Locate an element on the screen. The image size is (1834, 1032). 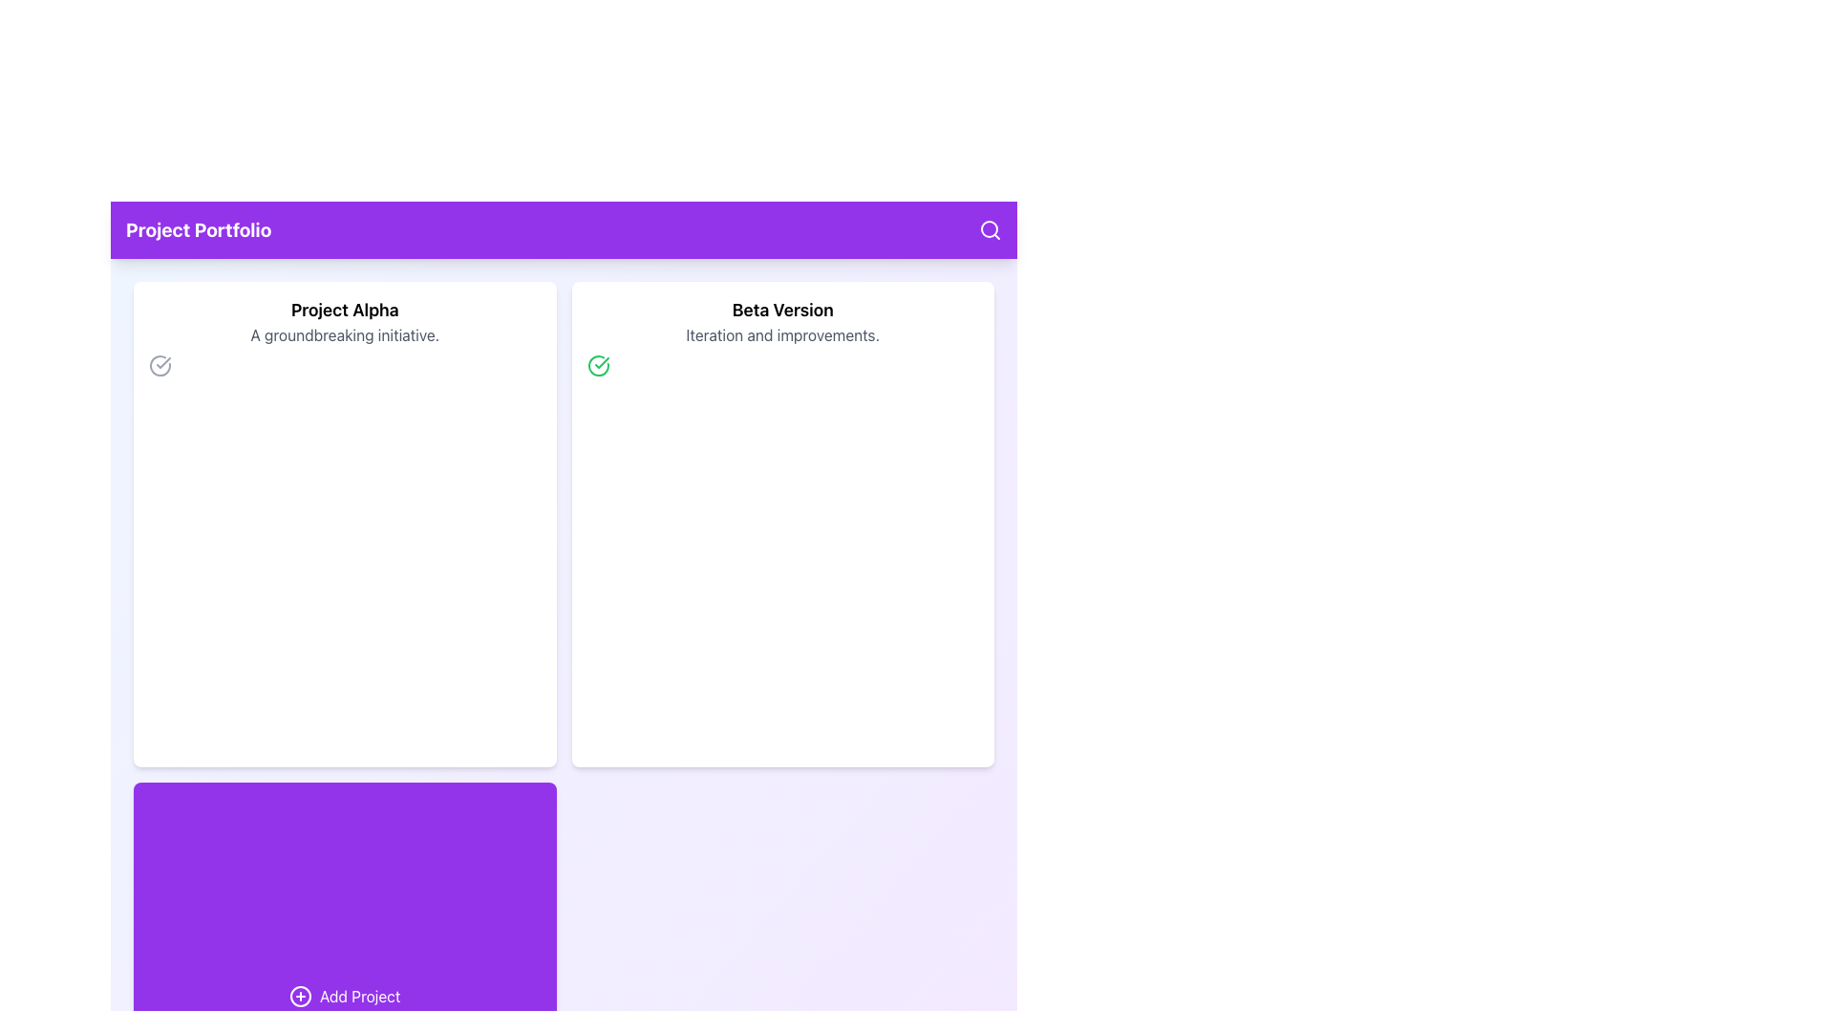
on the 'Add Project' label, which is part of a purple button located at the bottom center of the interface is located at coordinates (360, 995).